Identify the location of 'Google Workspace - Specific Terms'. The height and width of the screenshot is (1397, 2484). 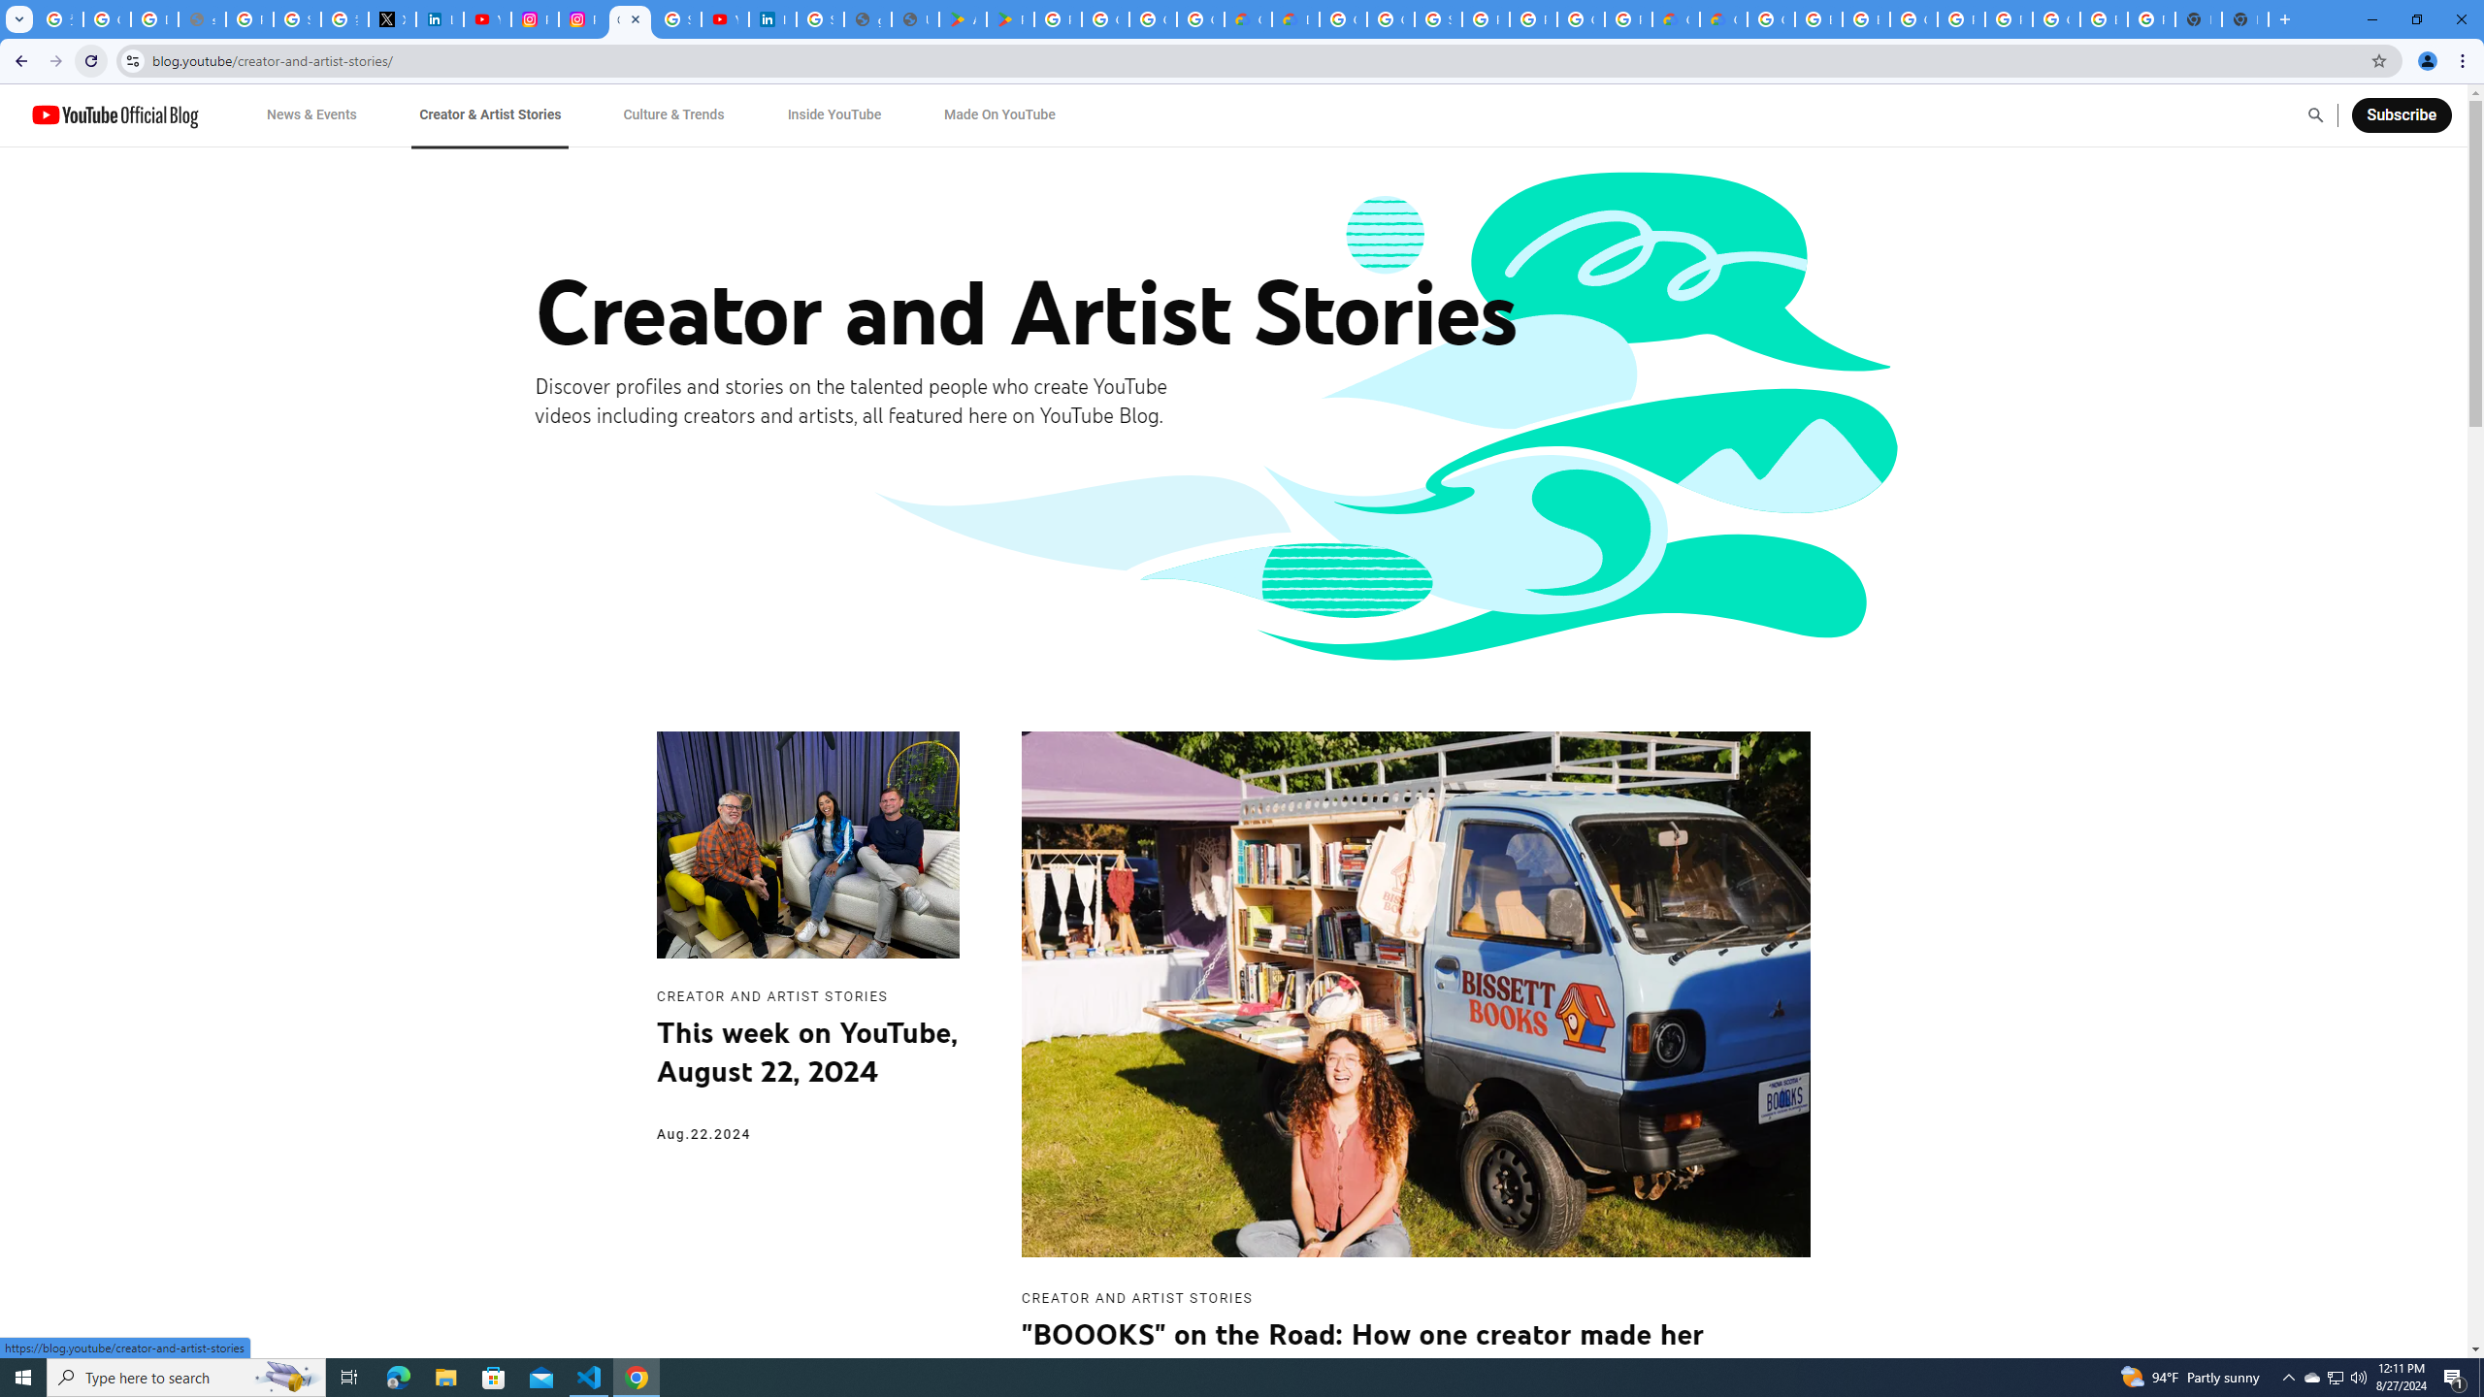
(1198, 18).